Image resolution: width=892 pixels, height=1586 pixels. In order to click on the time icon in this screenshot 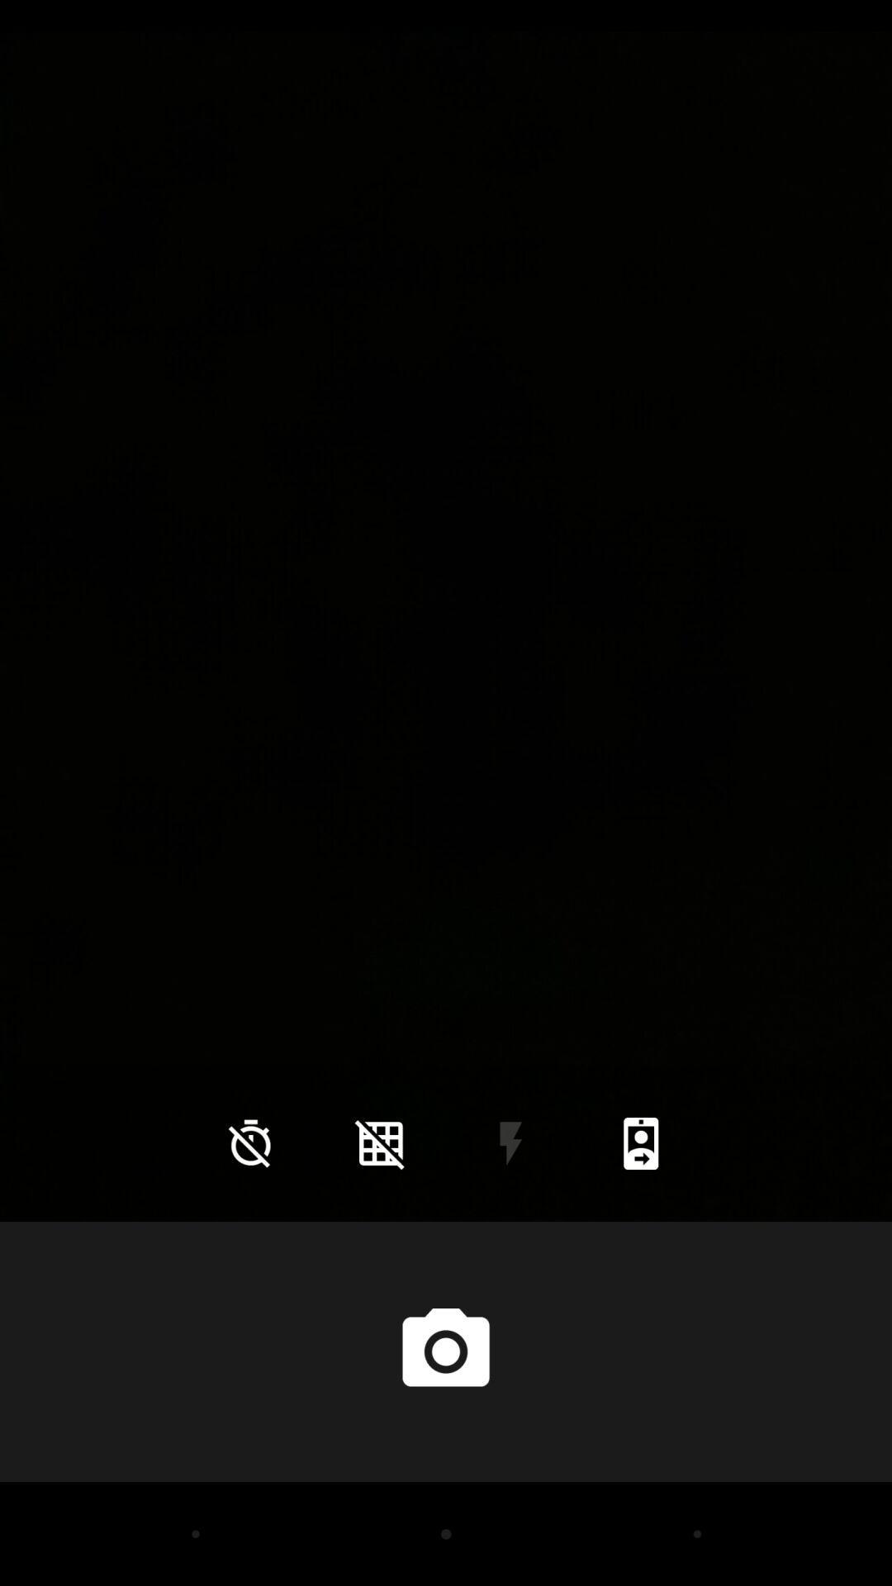, I will do `click(250, 1142)`.